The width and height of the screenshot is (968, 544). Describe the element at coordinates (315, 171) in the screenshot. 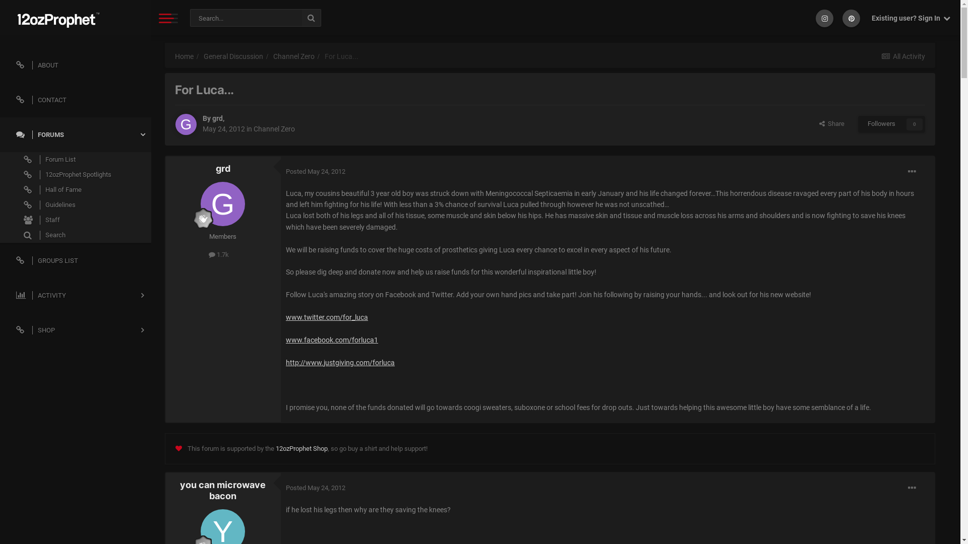

I see `'Posted May 24, 2012'` at that location.